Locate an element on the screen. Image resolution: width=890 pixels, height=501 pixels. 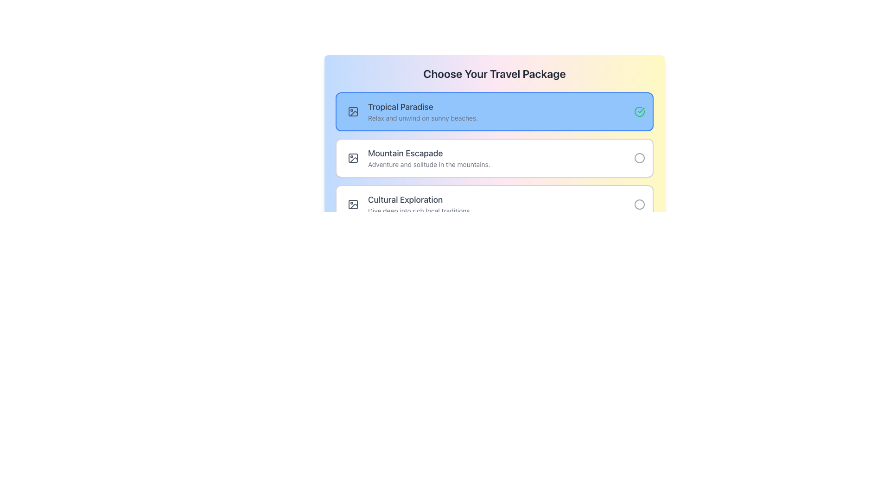
the graphical element that serves as a decorative representation within the 'Tropical Paradise' section of the SVG, indicating its relation to image functionality is located at coordinates (353, 111).